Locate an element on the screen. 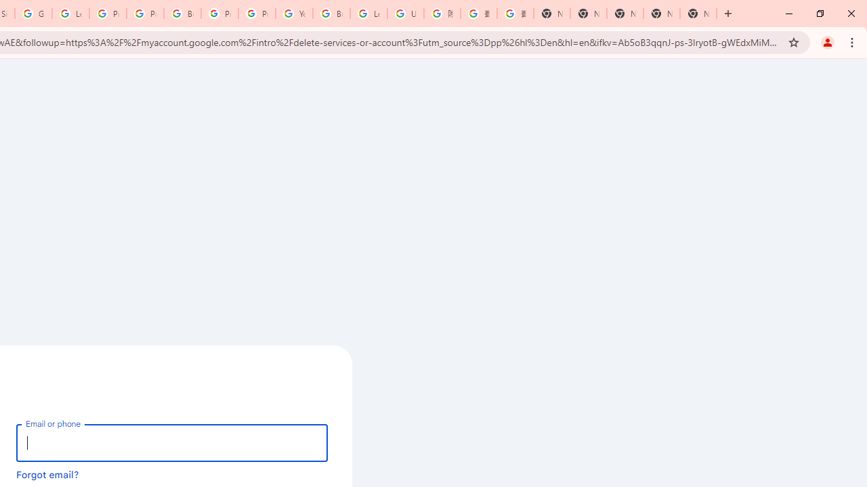 This screenshot has width=867, height=487. 'Forgot email?' is located at coordinates (47, 473).